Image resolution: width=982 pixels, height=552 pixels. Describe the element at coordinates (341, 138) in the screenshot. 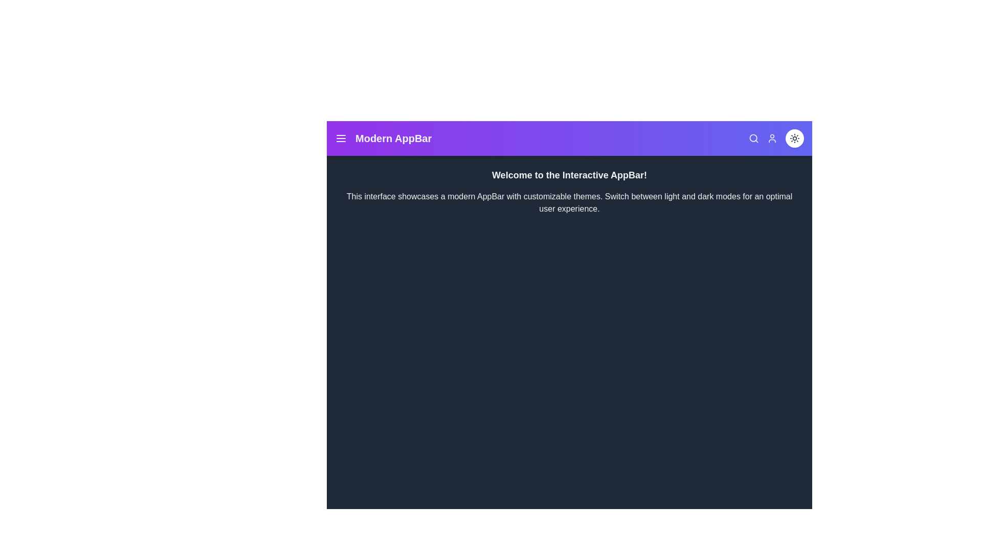

I see `the menu icon to toggle the menu` at that location.